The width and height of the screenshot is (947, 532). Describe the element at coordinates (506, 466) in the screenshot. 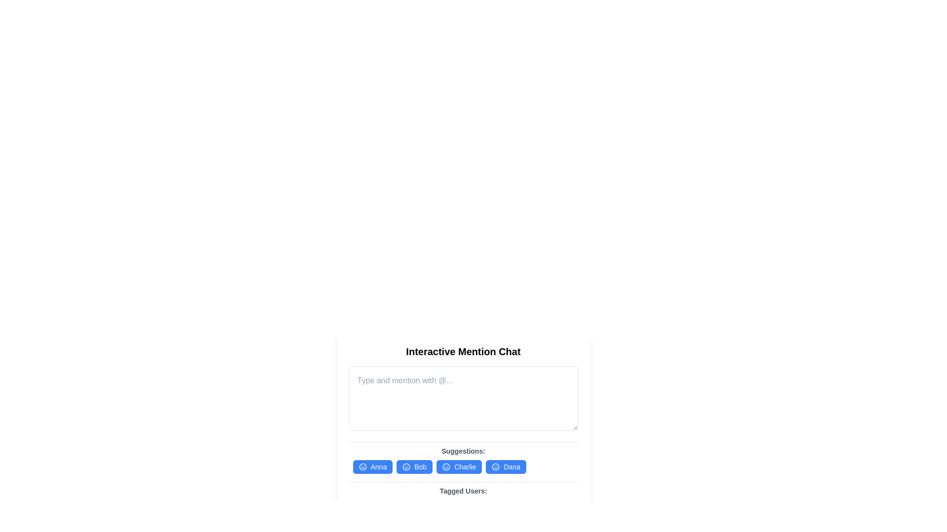

I see `the button representing the suggestion to tag or mention the user 'Dana' in the chat interface, located in the bottom-right corner of the Suggestions row` at that location.